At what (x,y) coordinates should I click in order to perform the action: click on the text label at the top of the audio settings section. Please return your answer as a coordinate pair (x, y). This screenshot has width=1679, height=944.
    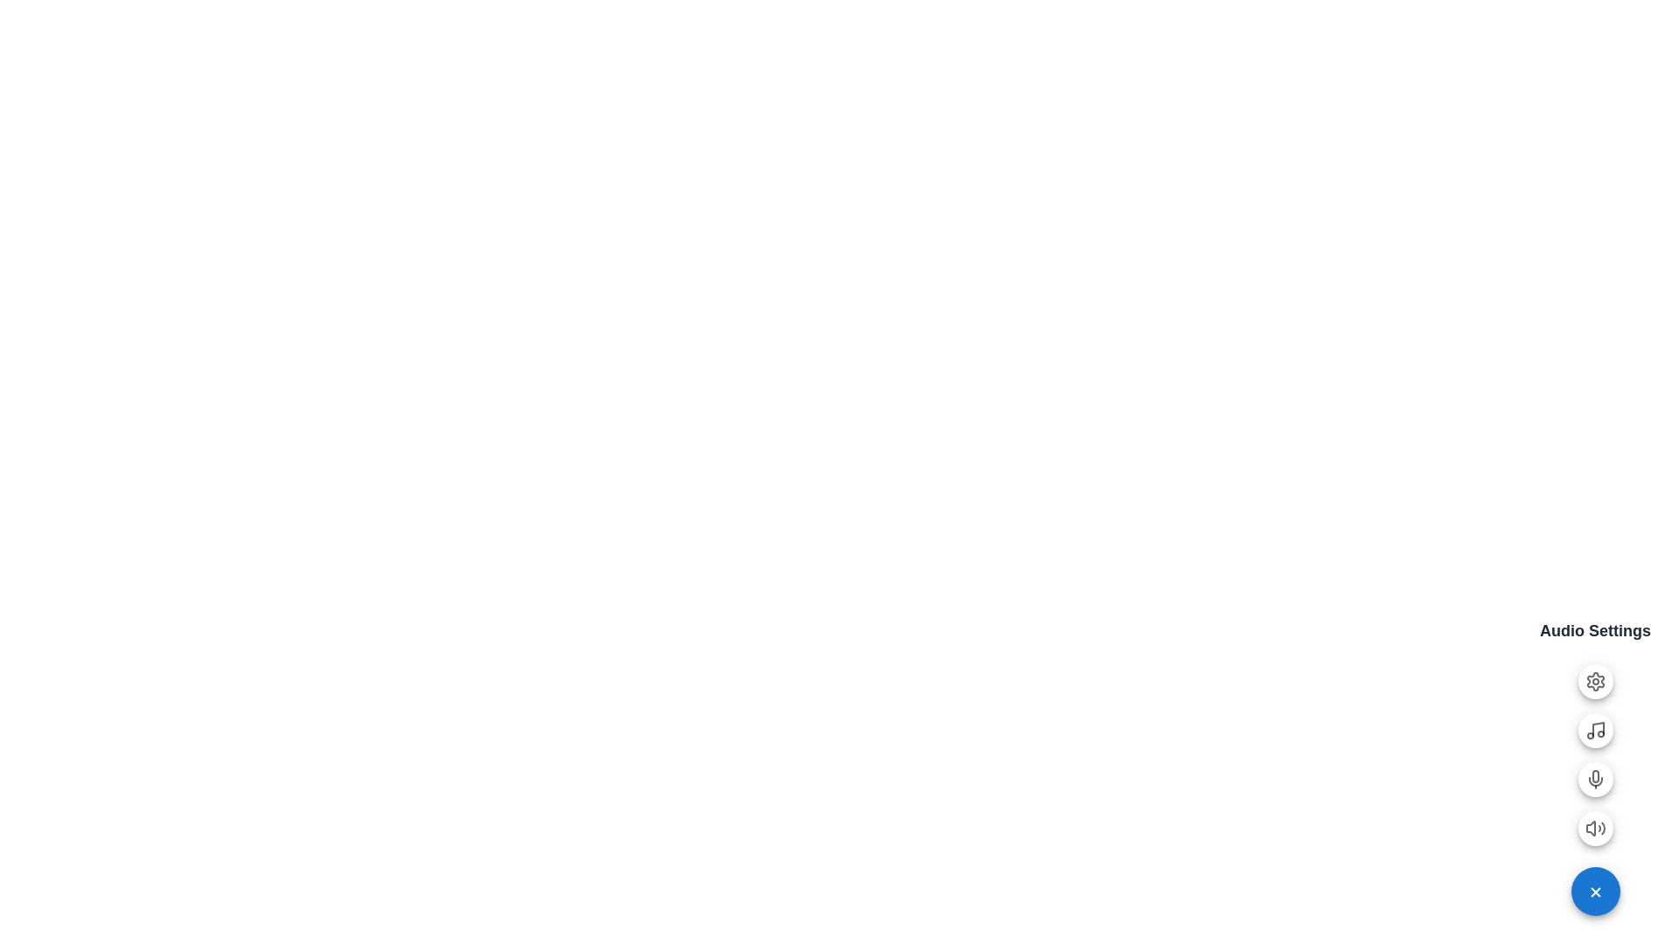
    Looking at the image, I should click on (1595, 630).